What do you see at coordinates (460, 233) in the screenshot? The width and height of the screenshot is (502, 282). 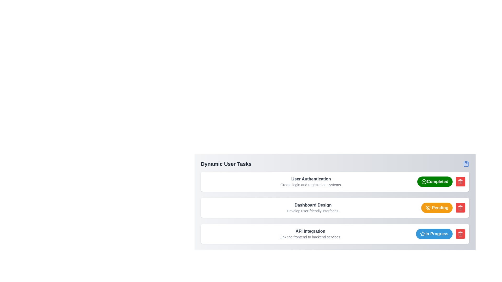 I see `the delete icon within the red circular button located to the right of the 'Dashboard Design' list item in the 'Dynamic User Tasks' section to potentially reveal additional context` at bounding box center [460, 233].